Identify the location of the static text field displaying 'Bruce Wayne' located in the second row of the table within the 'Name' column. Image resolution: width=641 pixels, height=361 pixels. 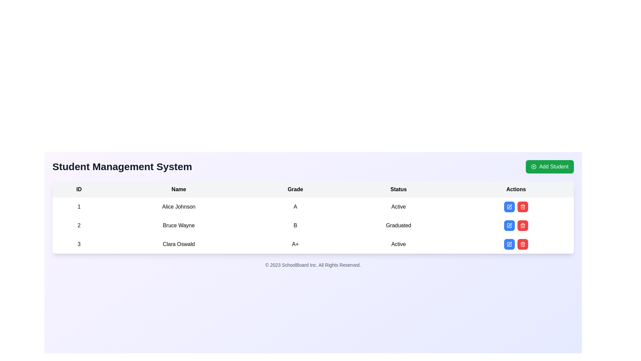
(179, 226).